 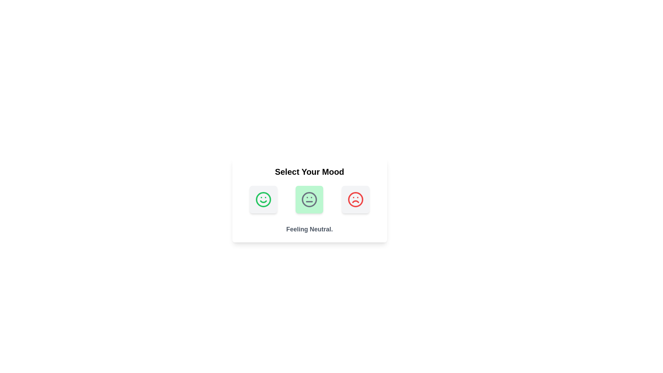 What do you see at coordinates (309, 200) in the screenshot?
I see `the neutral mood selection SVG icon, which is the second button in a horizontally aligned grid of three mood icons` at bounding box center [309, 200].